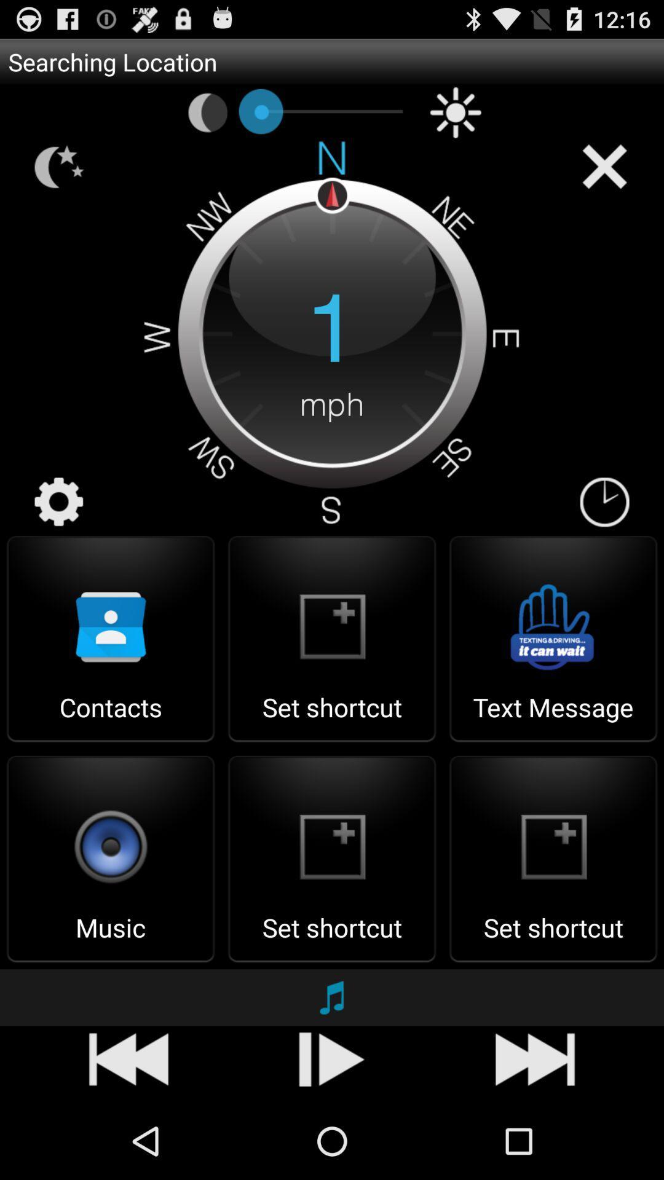 This screenshot has width=664, height=1180. Describe the element at coordinates (111, 719) in the screenshot. I see `contacts item` at that location.